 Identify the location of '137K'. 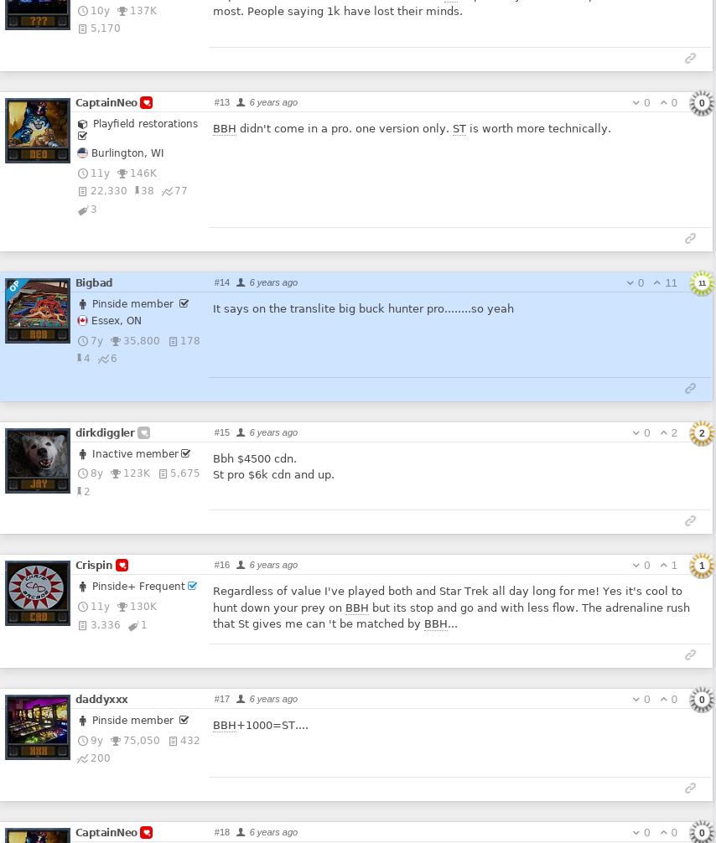
(143, 9).